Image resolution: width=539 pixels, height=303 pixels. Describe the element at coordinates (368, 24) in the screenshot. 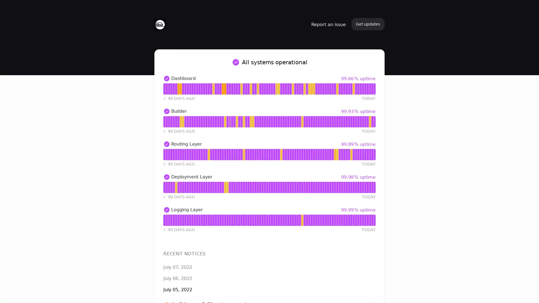

I see `Get updates` at that location.